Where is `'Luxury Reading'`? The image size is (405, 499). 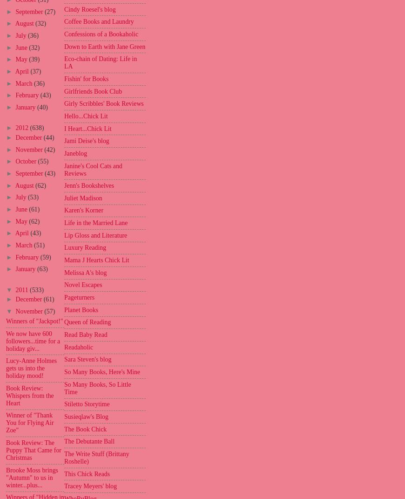
'Luxury Reading' is located at coordinates (84, 247).